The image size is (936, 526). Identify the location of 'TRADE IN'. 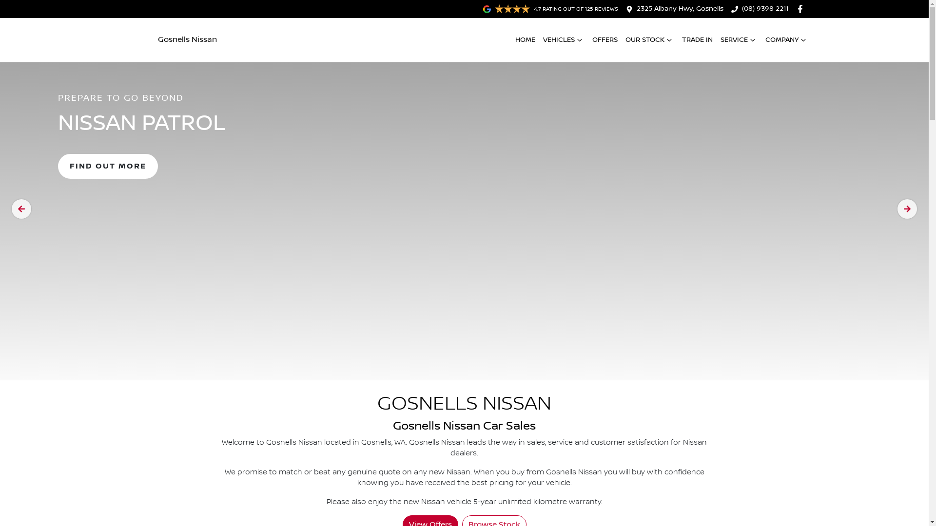
(696, 39).